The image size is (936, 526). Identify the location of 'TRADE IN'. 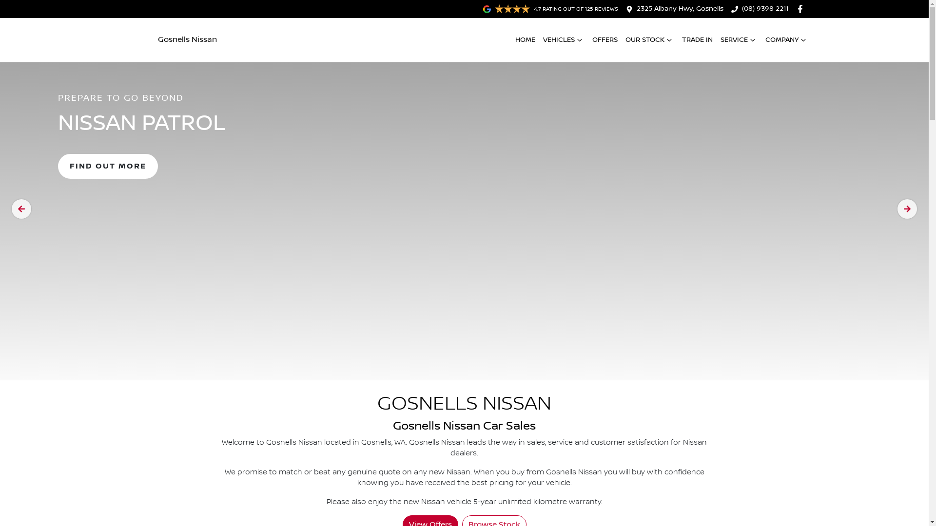
(696, 39).